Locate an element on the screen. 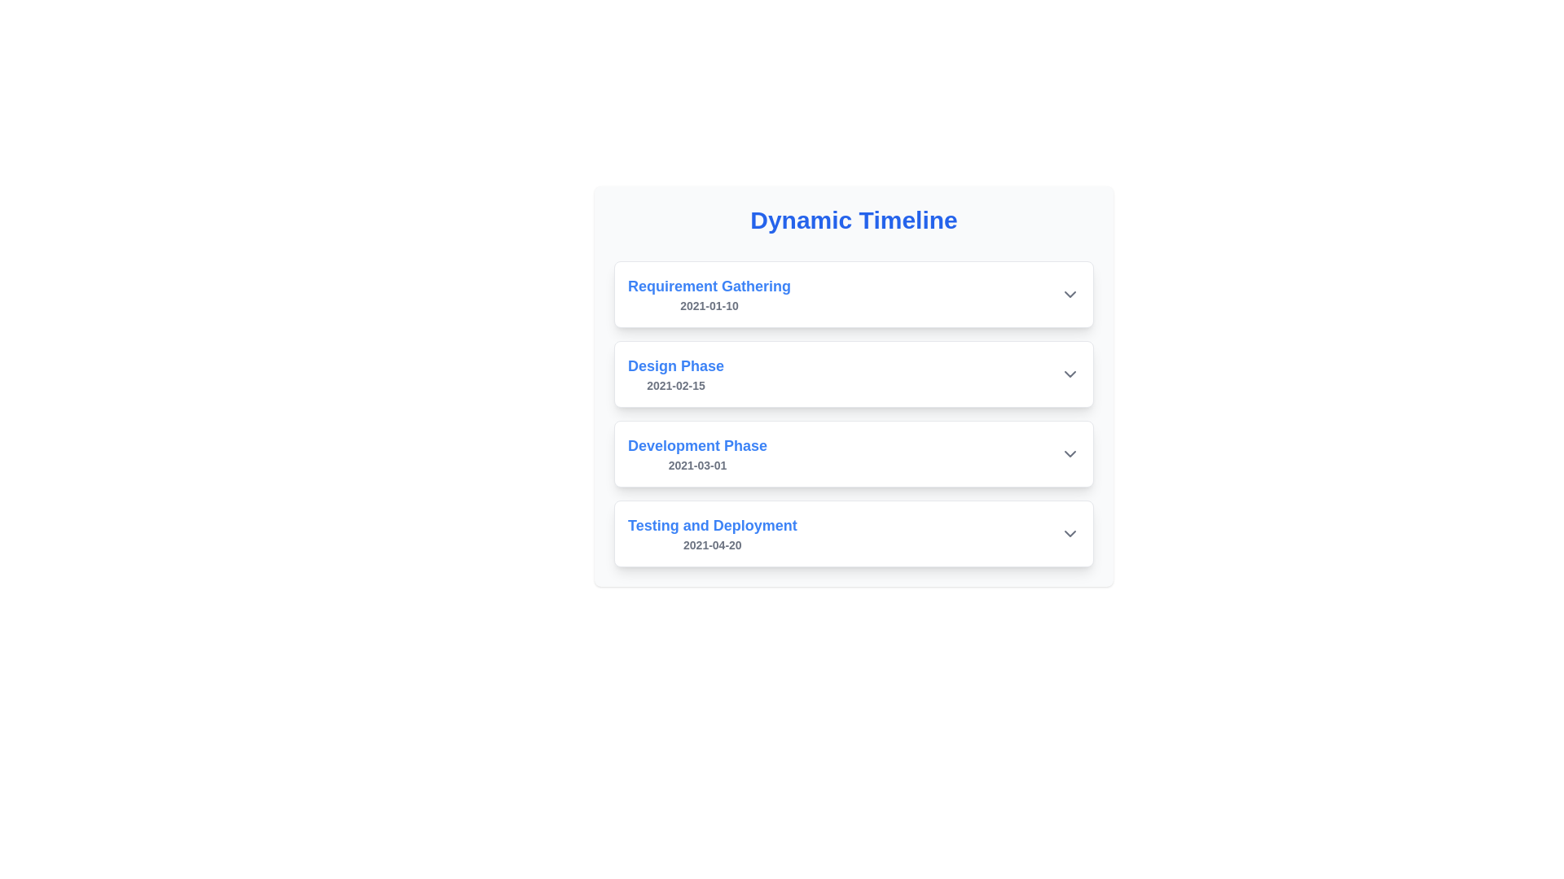 The width and height of the screenshot is (1564, 879). the toggle icon at the rightmost position of the 'Development Phase' row is located at coordinates (1070, 454).